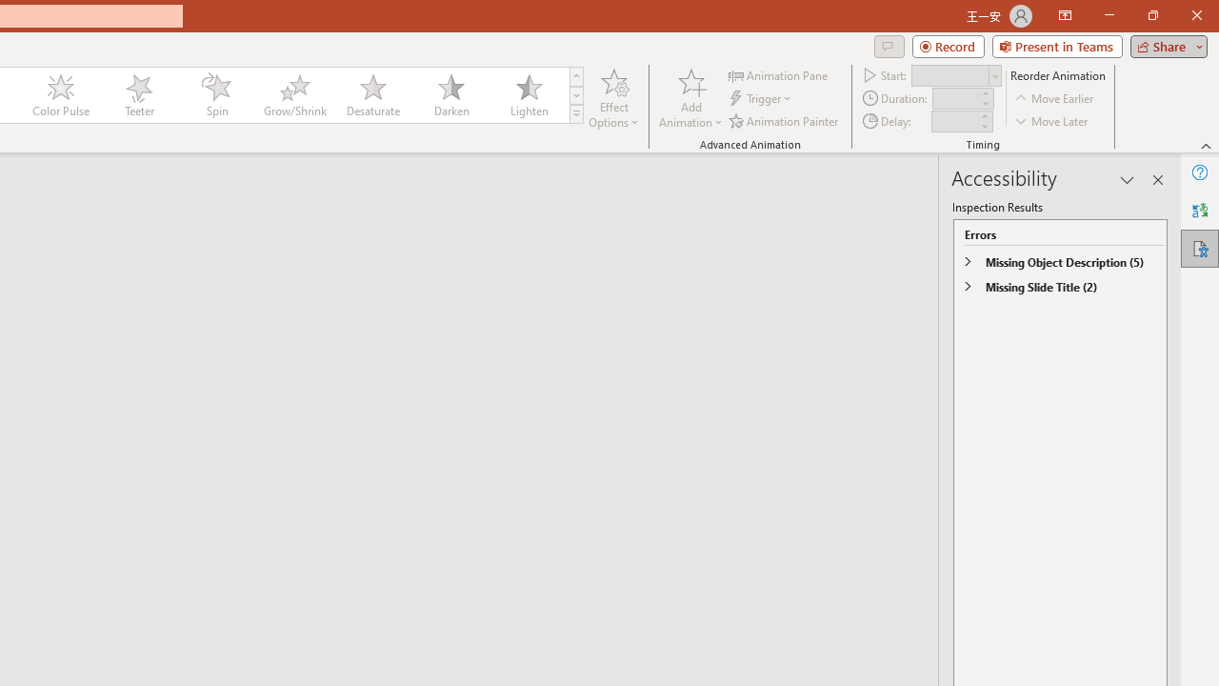 The height and width of the screenshot is (686, 1219). Describe the element at coordinates (576, 113) in the screenshot. I see `'Class: NetUIImage'` at that location.